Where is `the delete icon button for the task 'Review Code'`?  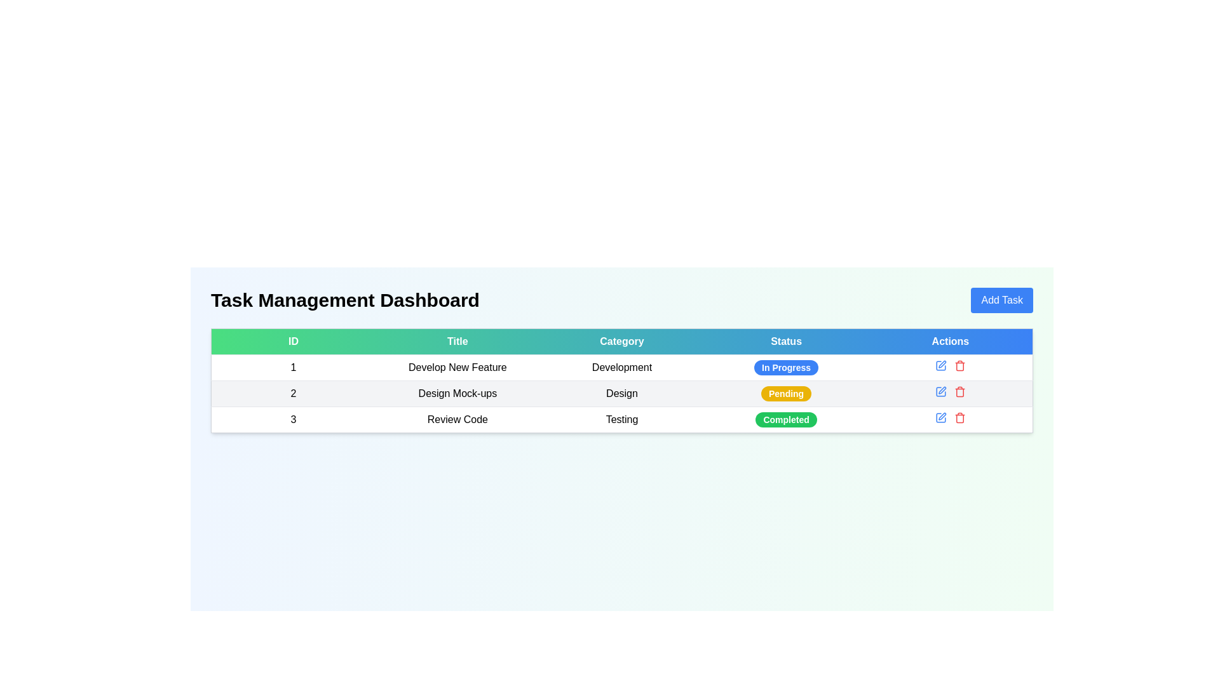
the delete icon button for the task 'Review Code' is located at coordinates (959, 418).